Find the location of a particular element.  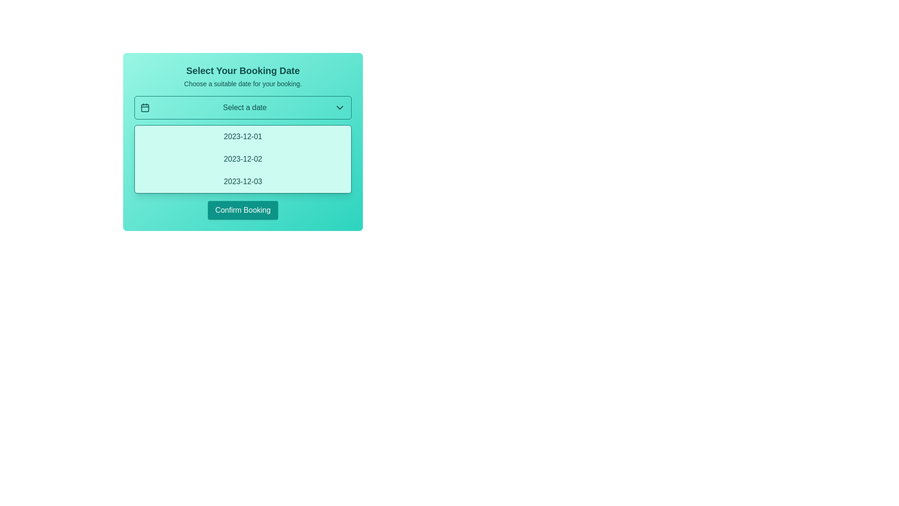

the Dropdown Button labeled 'Select a date' is located at coordinates (243, 107).